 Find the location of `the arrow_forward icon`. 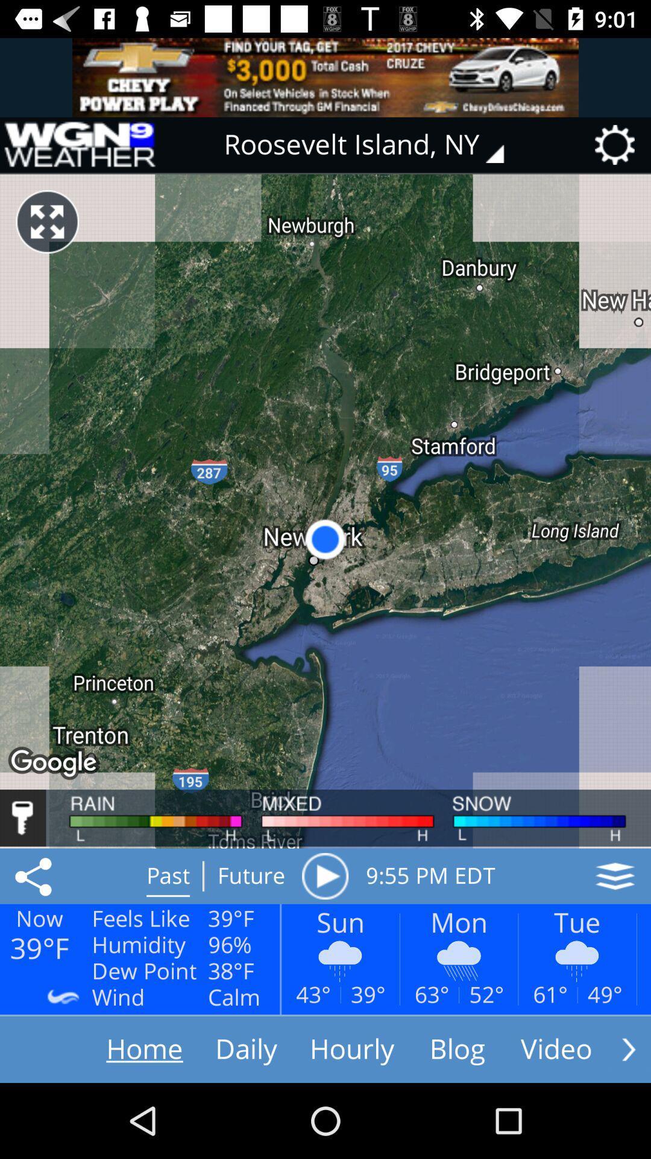

the arrow_forward icon is located at coordinates (628, 1049).